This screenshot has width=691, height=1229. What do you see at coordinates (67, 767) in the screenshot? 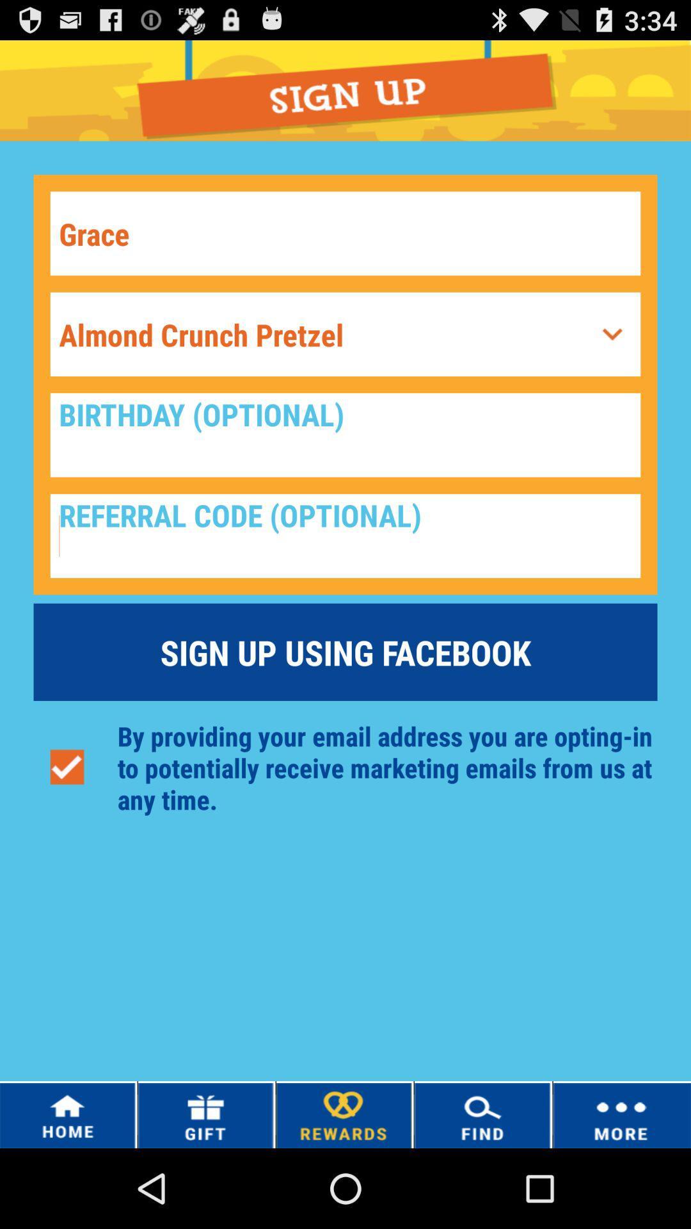
I see `the check box which is left side of the page` at bounding box center [67, 767].